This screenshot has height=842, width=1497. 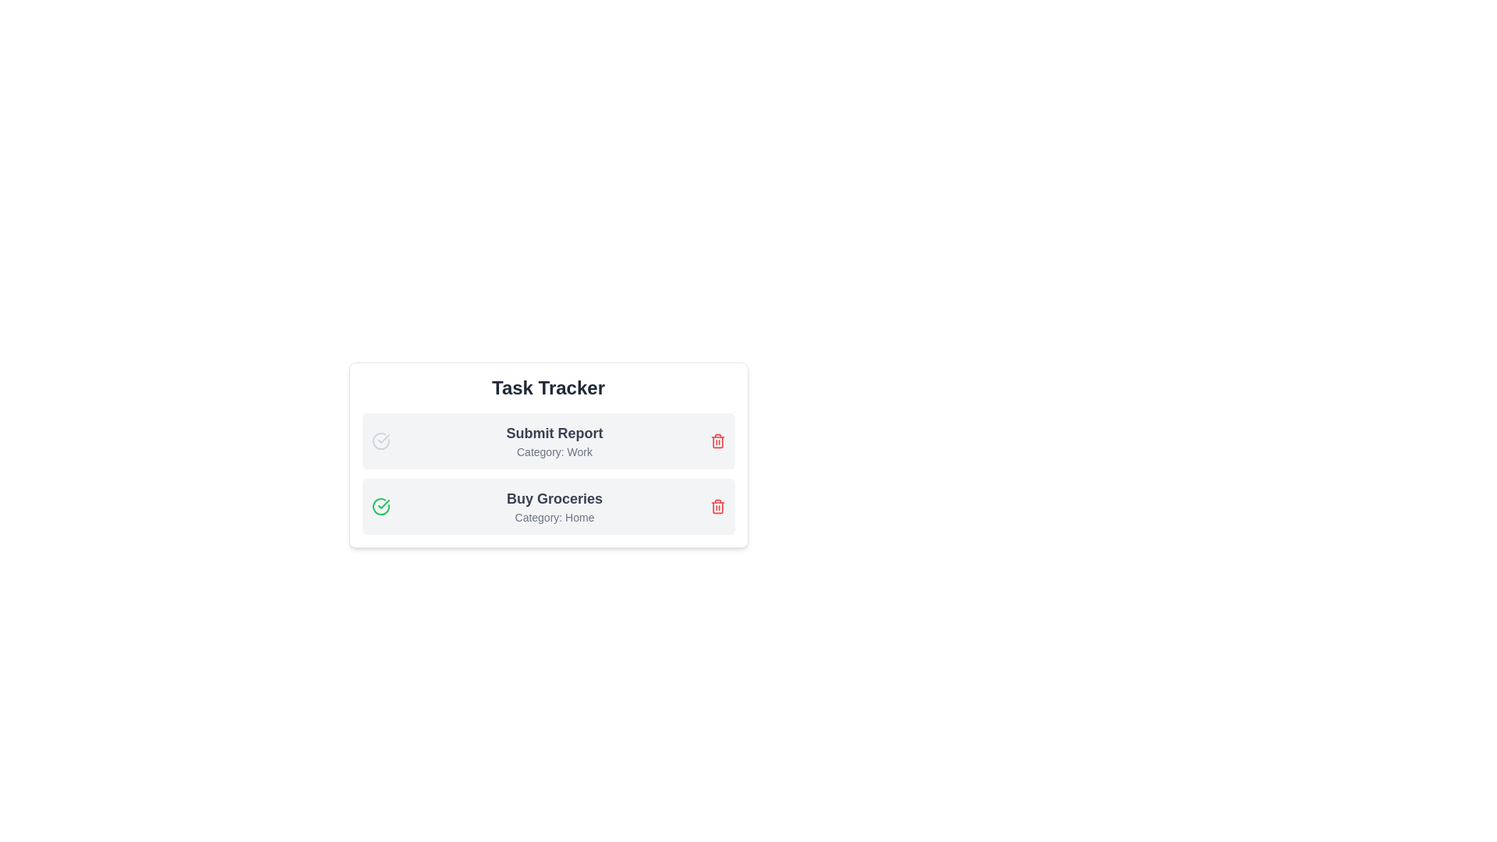 What do you see at coordinates (717, 507) in the screenshot?
I see `the trash icon for the task titled 'Buy Groceries' to delete it` at bounding box center [717, 507].